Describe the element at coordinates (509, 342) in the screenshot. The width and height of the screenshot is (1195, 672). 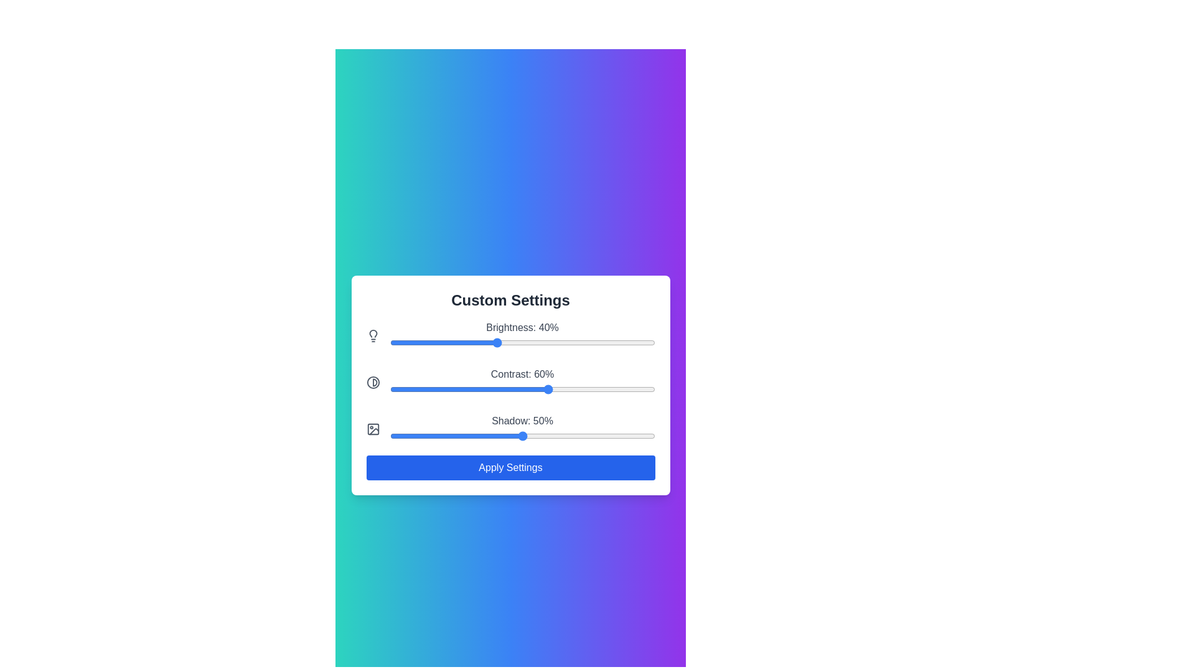
I see `the brightness slider to set the brightness to 45%` at that location.